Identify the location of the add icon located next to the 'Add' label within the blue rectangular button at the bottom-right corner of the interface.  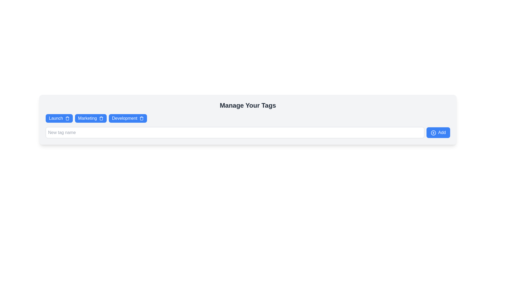
(433, 133).